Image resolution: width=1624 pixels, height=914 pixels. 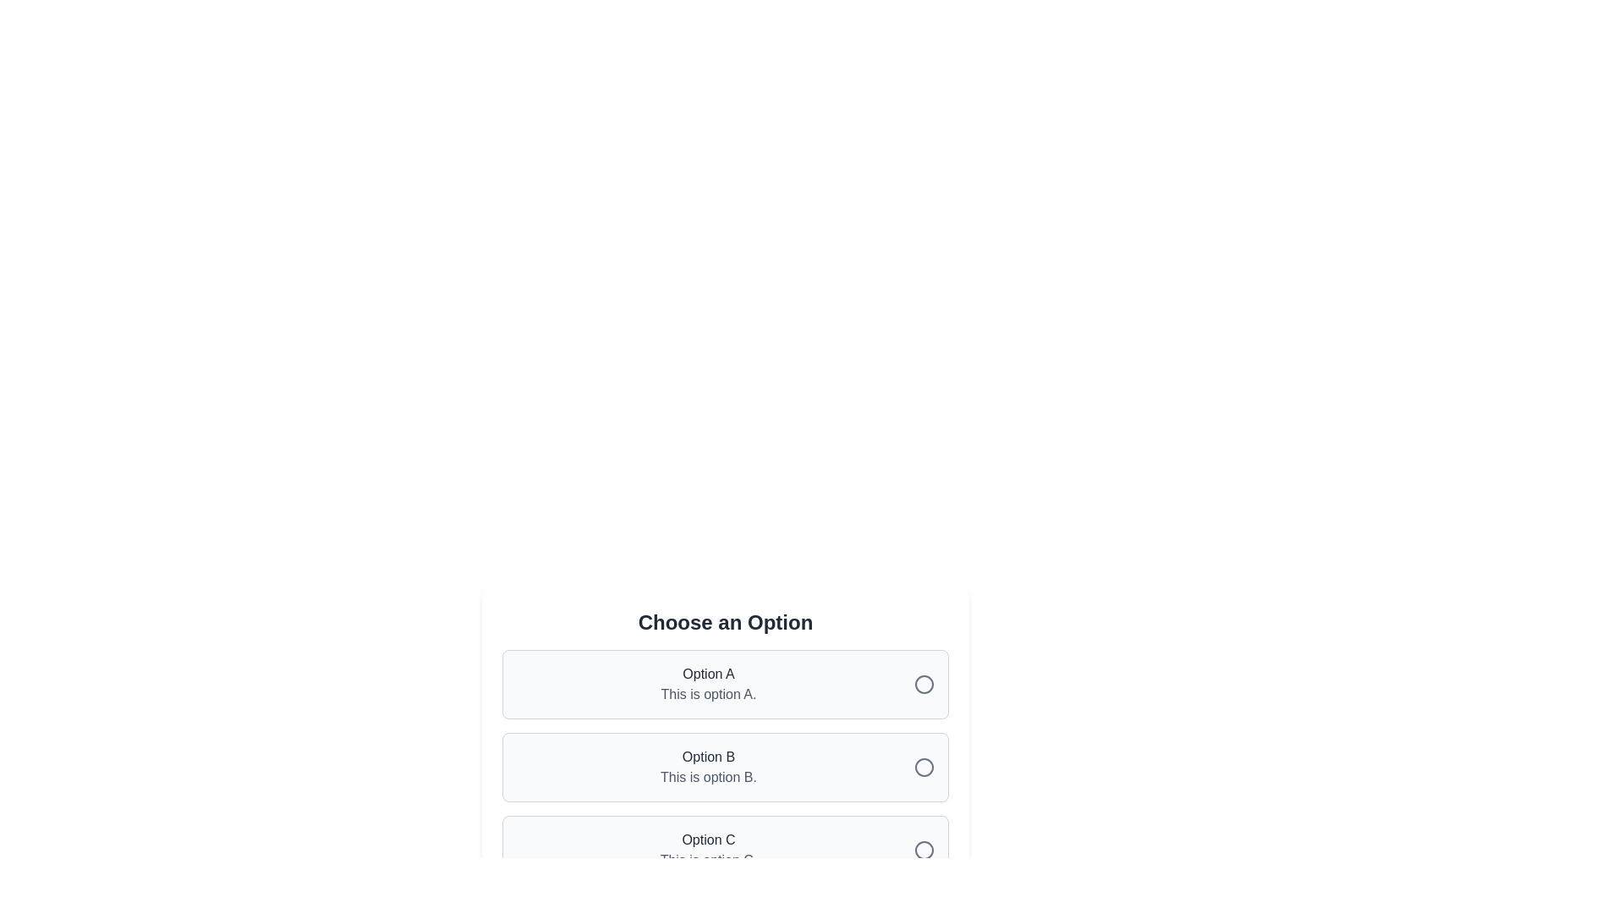 What do you see at coordinates (924, 767) in the screenshot?
I see `the radio button representing 'Option B'` at bounding box center [924, 767].